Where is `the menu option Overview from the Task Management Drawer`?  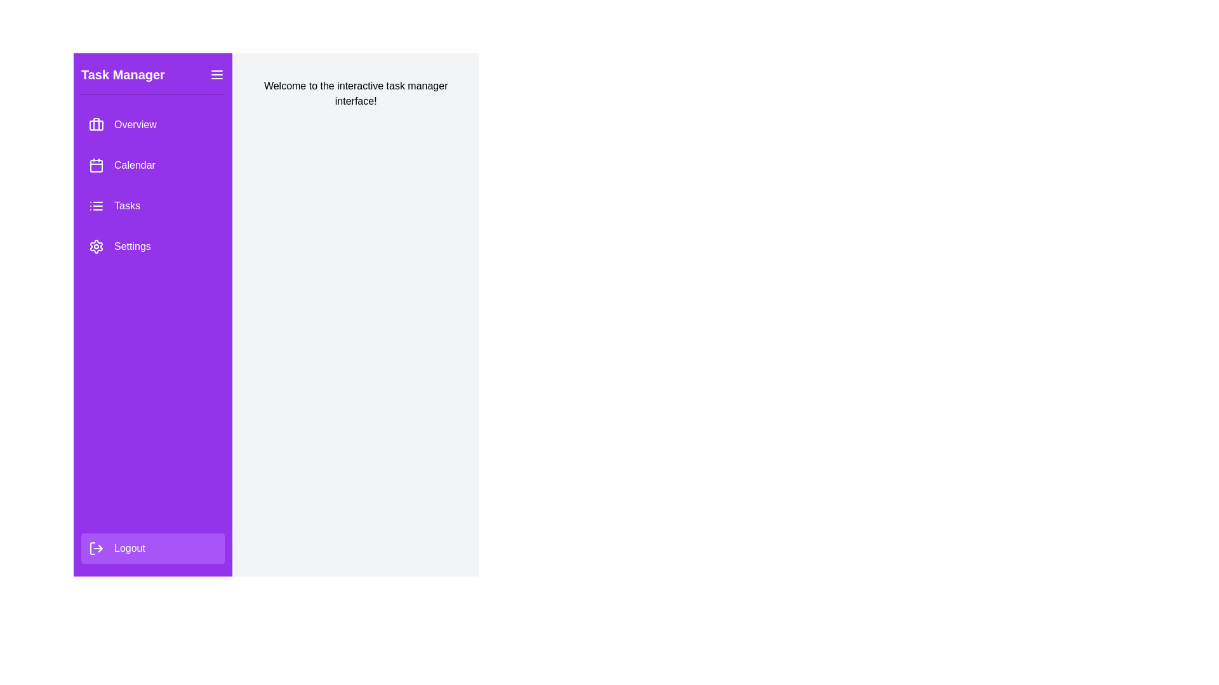 the menu option Overview from the Task Management Drawer is located at coordinates (152, 124).